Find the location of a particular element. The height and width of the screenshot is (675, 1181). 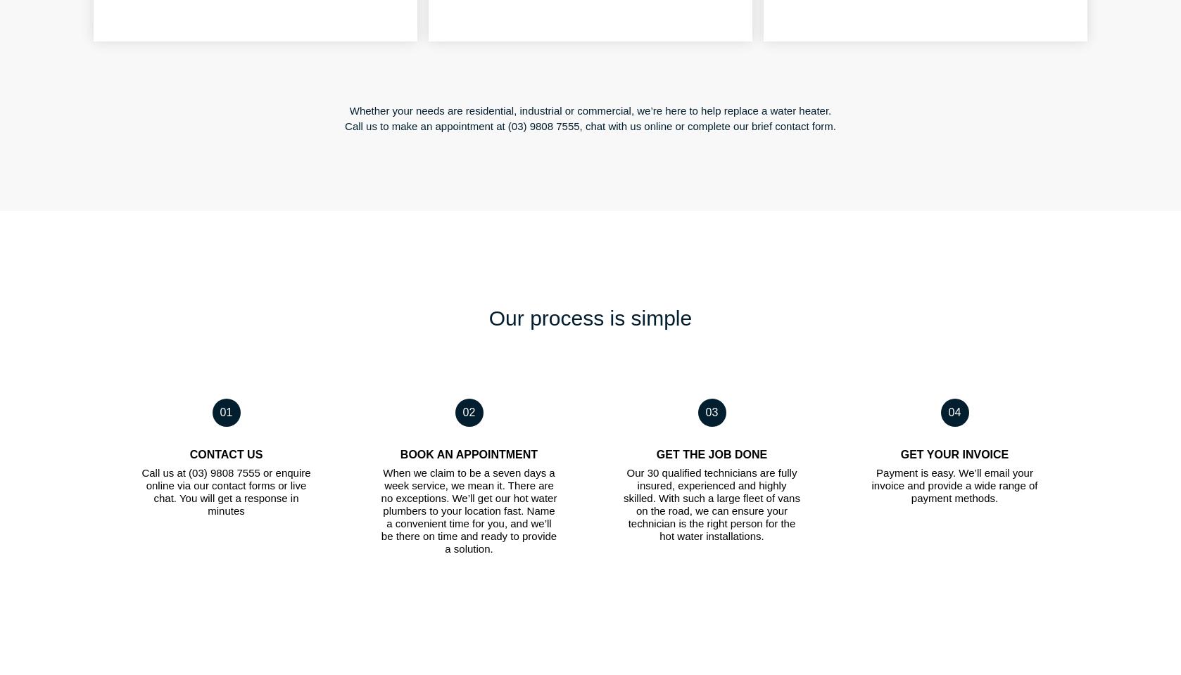

'02' is located at coordinates (467, 411).